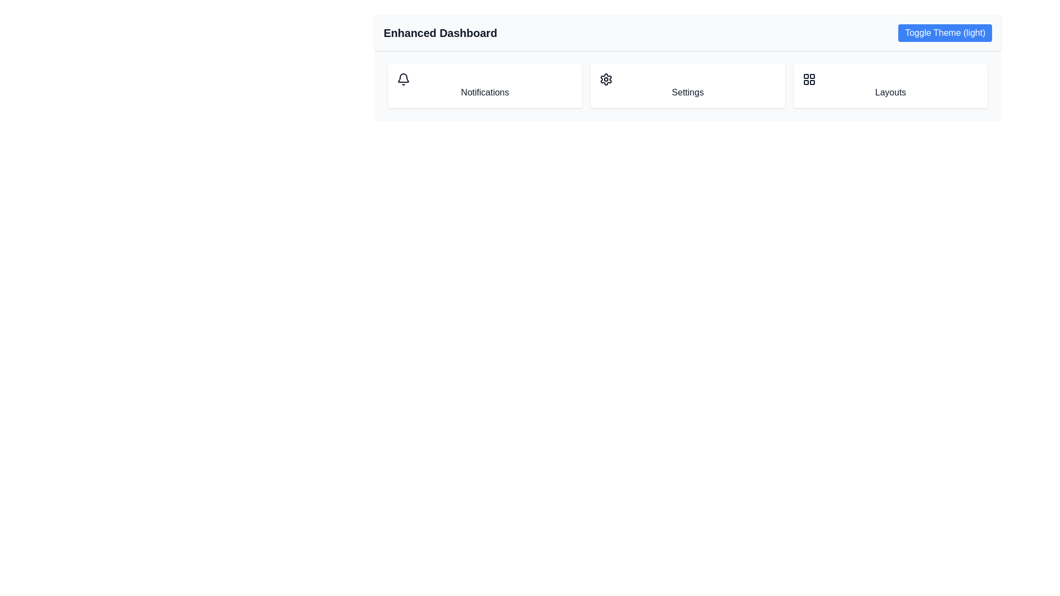 The image size is (1060, 596). What do you see at coordinates (606, 78) in the screenshot?
I see `the central cogwheel icon within the 'Settings' button` at bounding box center [606, 78].